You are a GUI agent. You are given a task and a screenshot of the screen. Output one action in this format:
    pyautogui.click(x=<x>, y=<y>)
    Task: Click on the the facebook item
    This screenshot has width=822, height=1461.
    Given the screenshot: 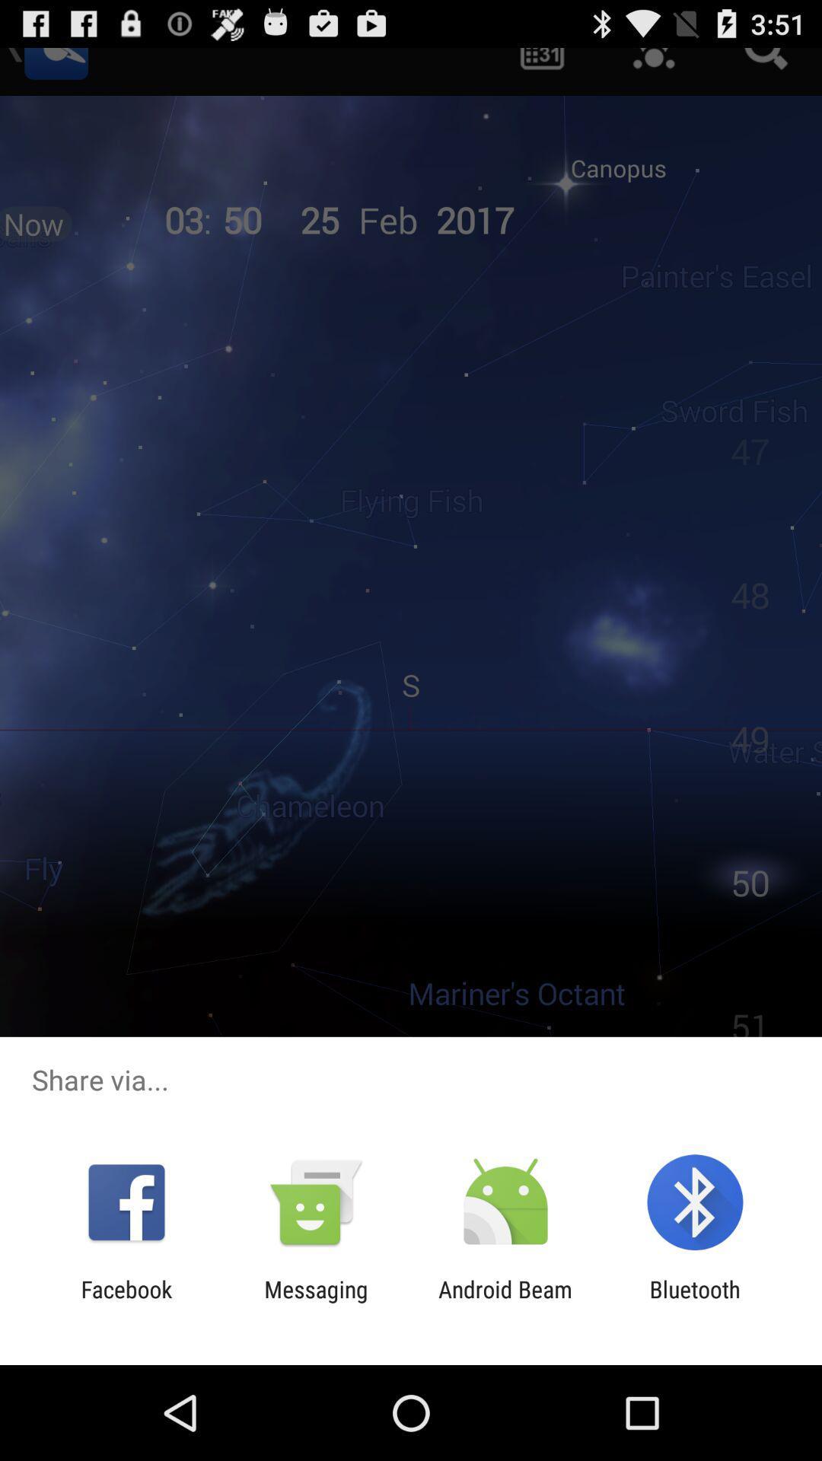 What is the action you would take?
    pyautogui.click(x=126, y=1302)
    